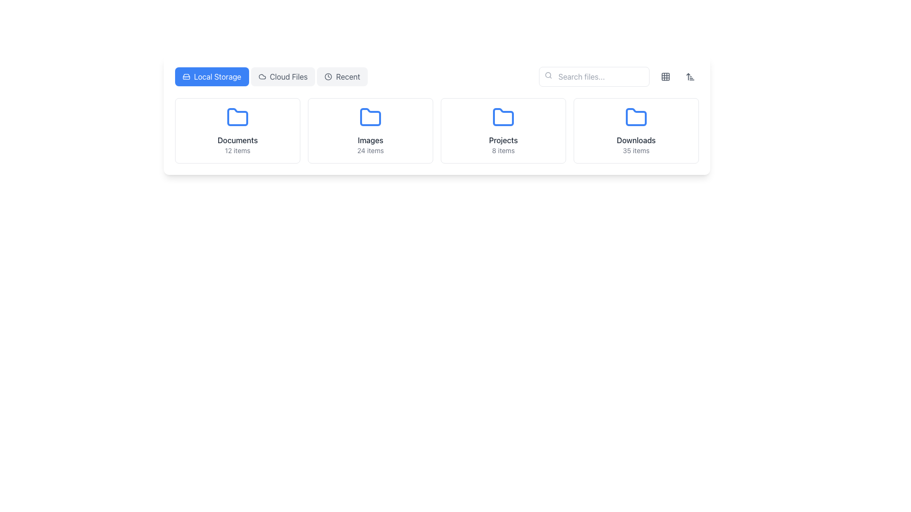  Describe the element at coordinates (502, 131) in the screenshot. I see `the 'Projects' card button, which is the third card in a row of four, located between the 'Images' card and the 'Downloads' card` at that location.